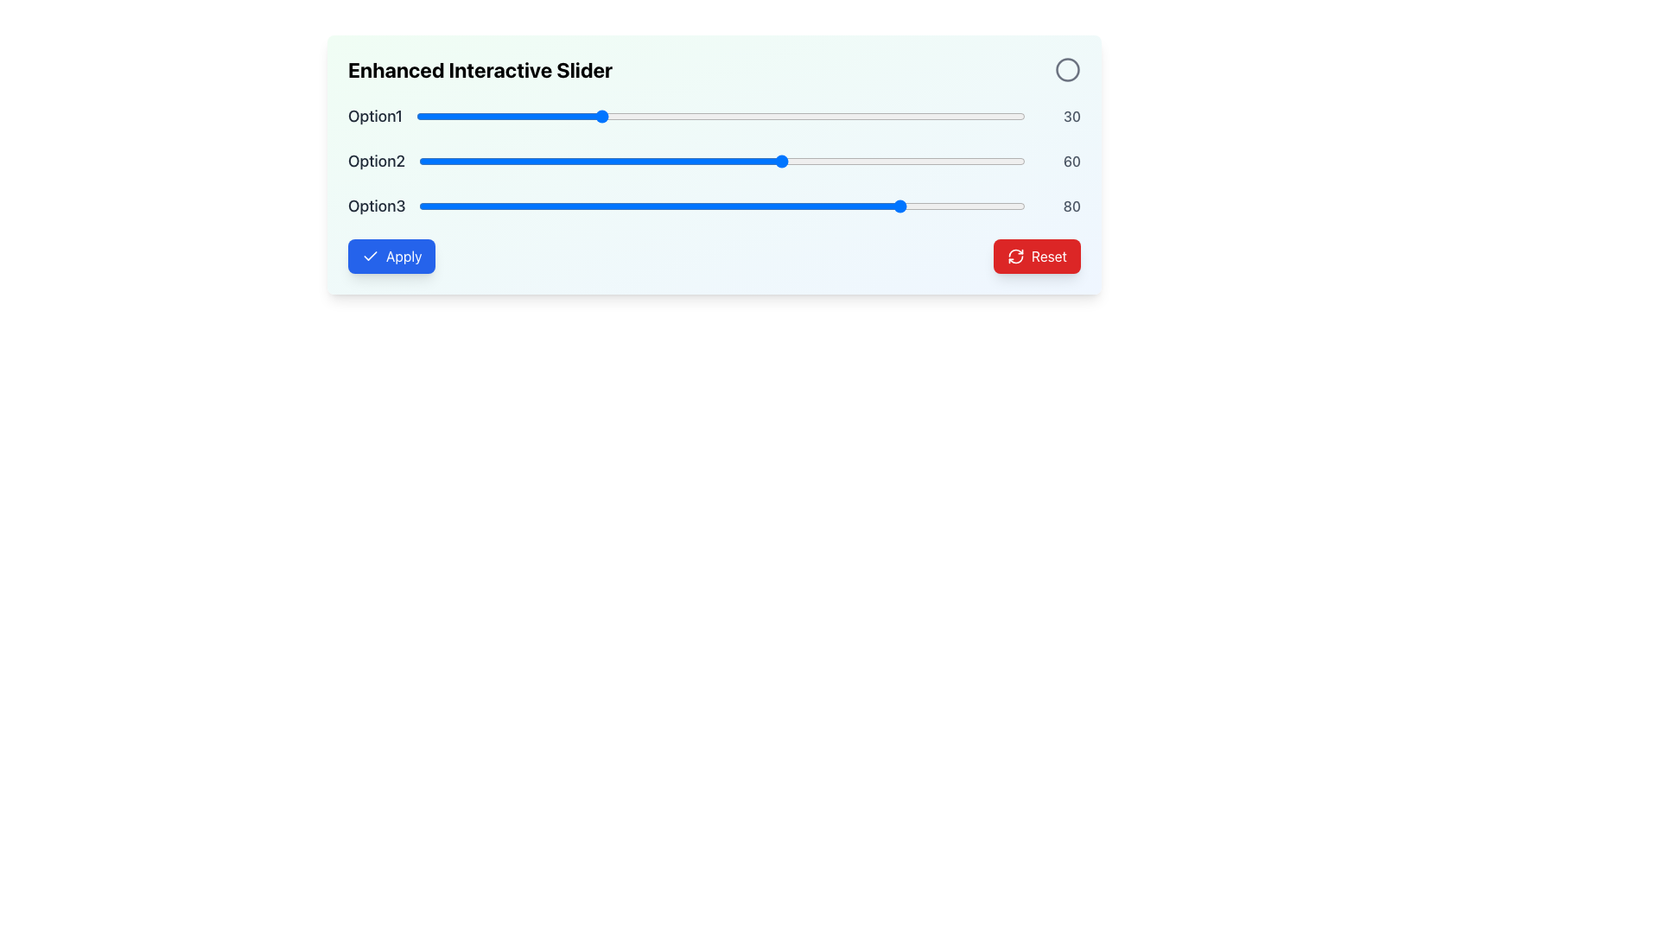 This screenshot has width=1659, height=933. Describe the element at coordinates (721, 117) in the screenshot. I see `the handle of the horizontal range slider that is prominently positioned between the label 'Option1' and the numeric value '30'` at that location.